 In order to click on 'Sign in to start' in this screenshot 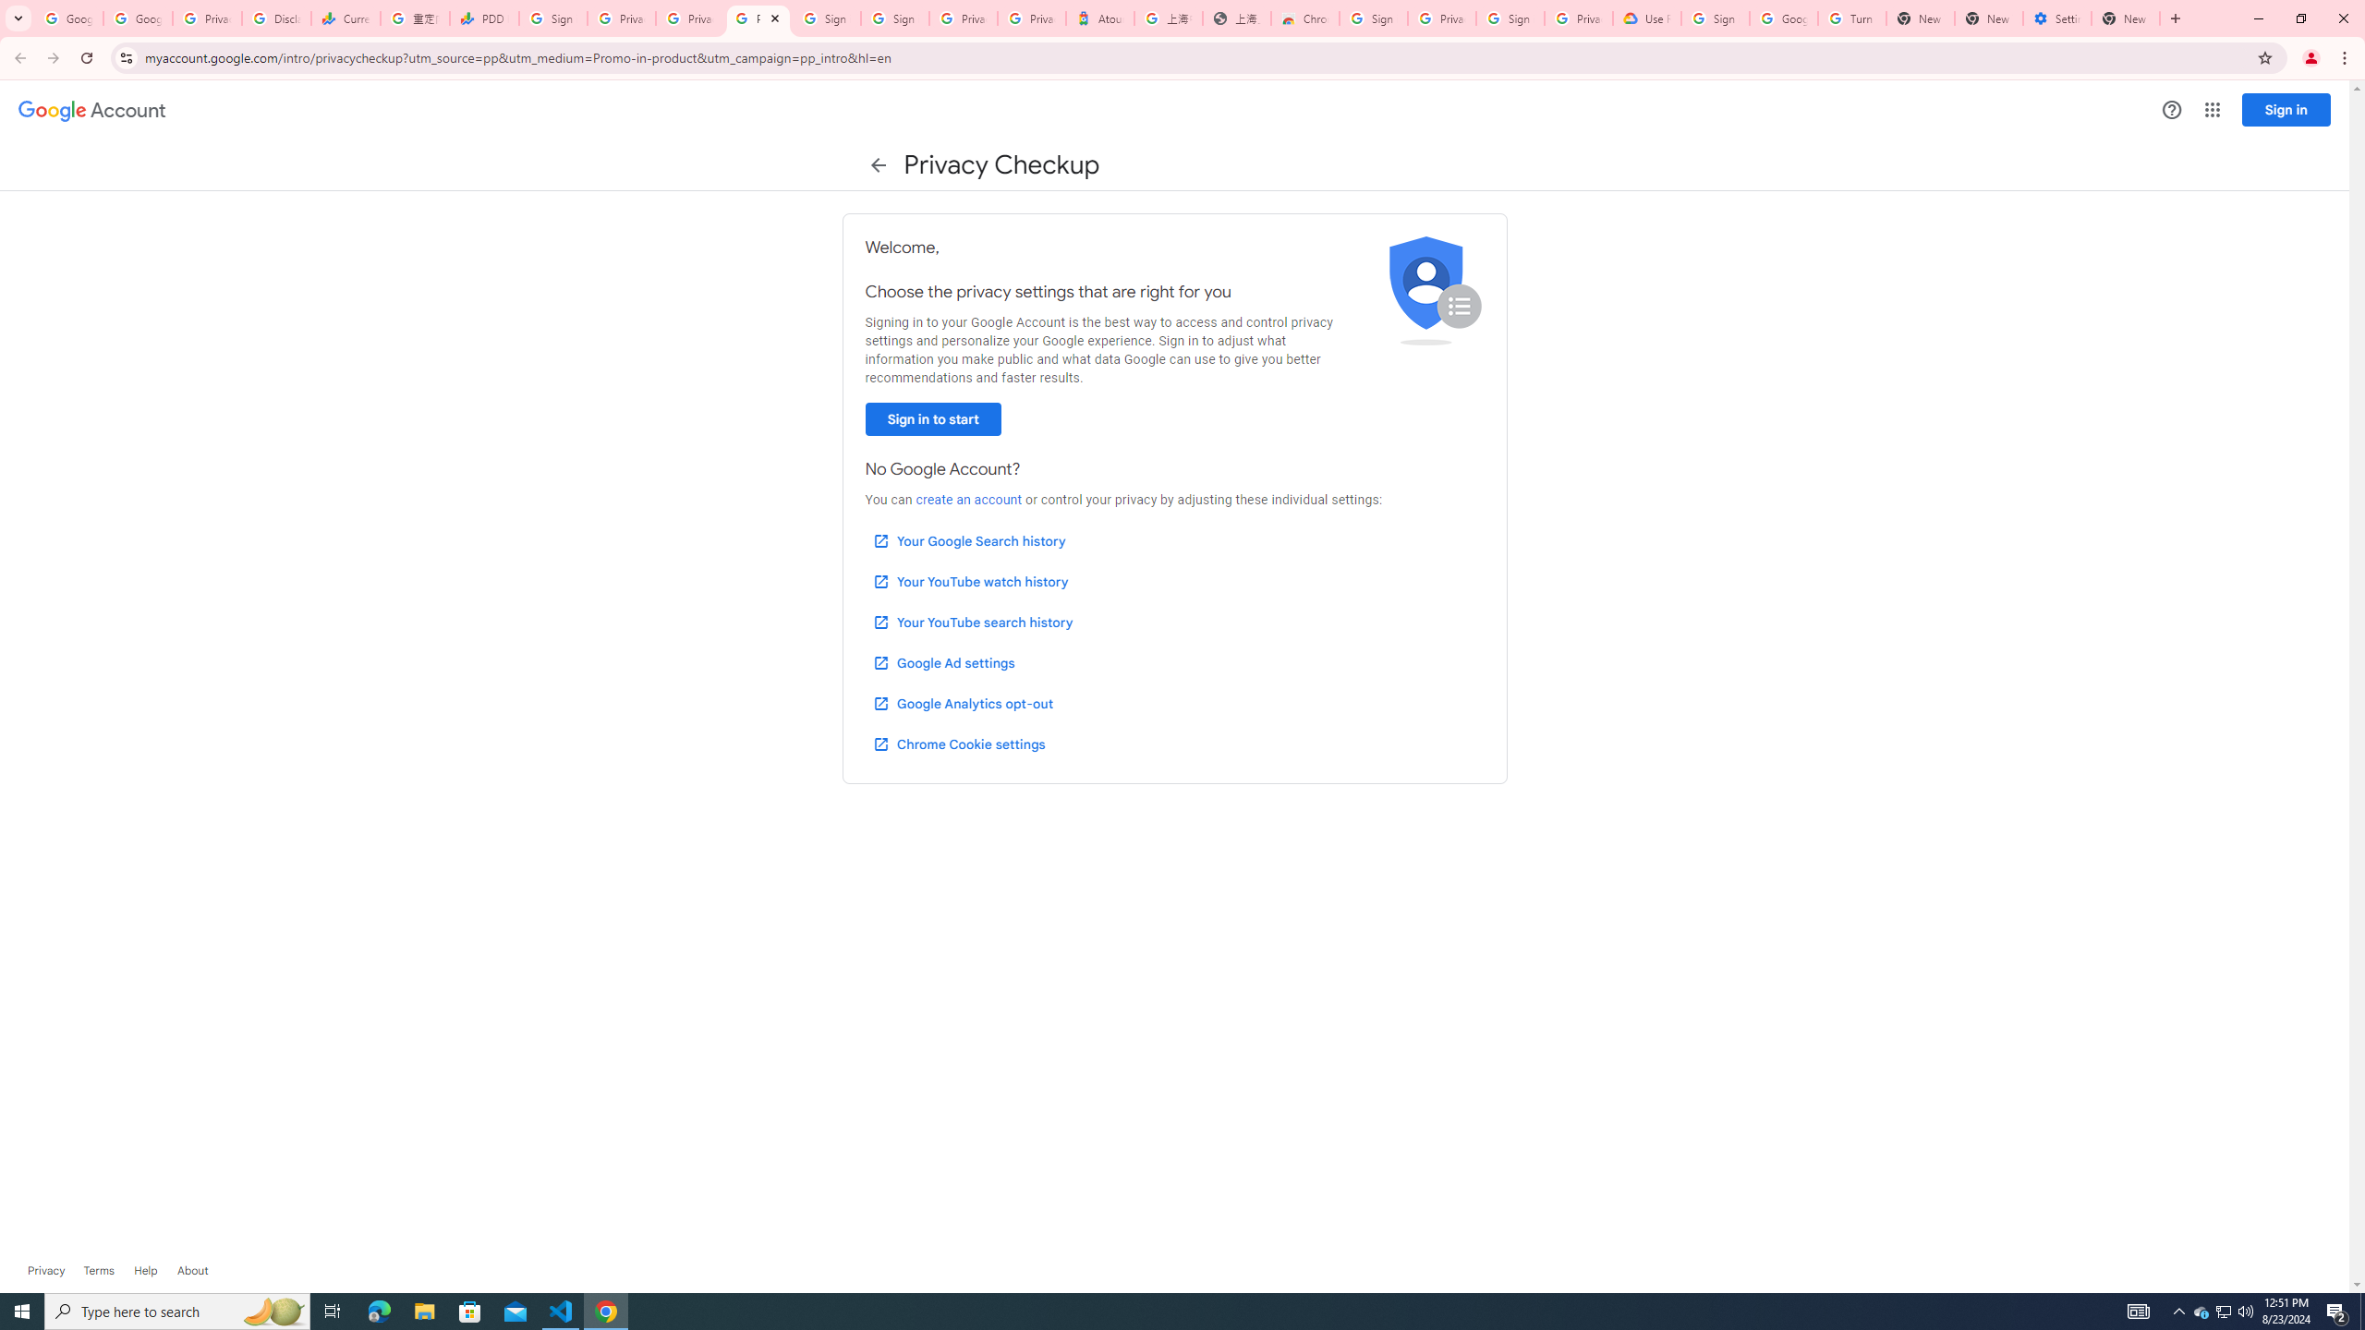, I will do `click(931, 418)`.